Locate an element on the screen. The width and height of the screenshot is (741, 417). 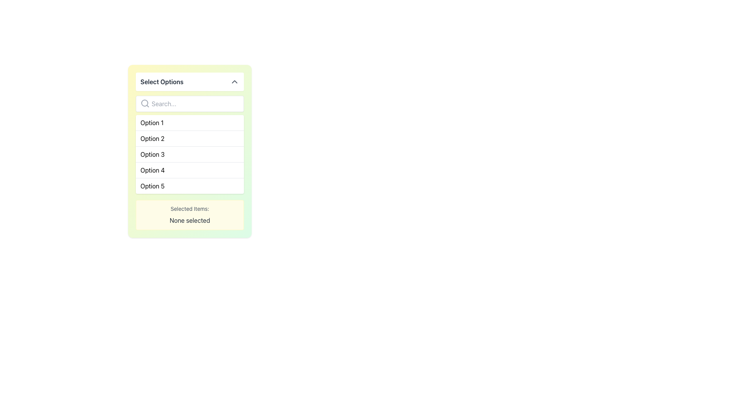
the search icon located on the left side of the search bar, which visually indicates the presence of a search functionality is located at coordinates (145, 103).